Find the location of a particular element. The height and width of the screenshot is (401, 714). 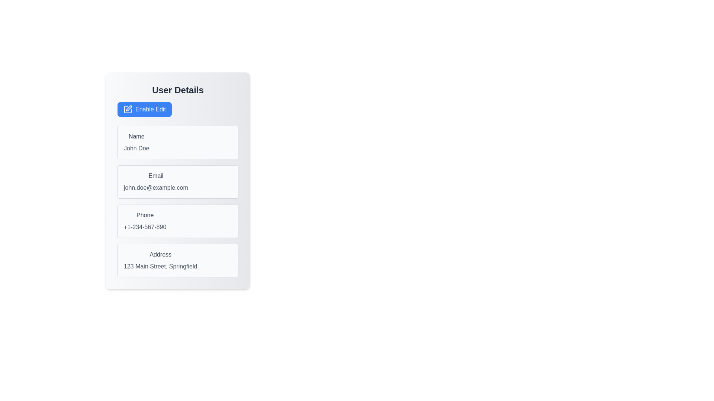

the text label displaying 'Phone', which is styled in a medium font-weight and gray color, positioned above the phone number '+1-234-567-890' is located at coordinates (145, 215).